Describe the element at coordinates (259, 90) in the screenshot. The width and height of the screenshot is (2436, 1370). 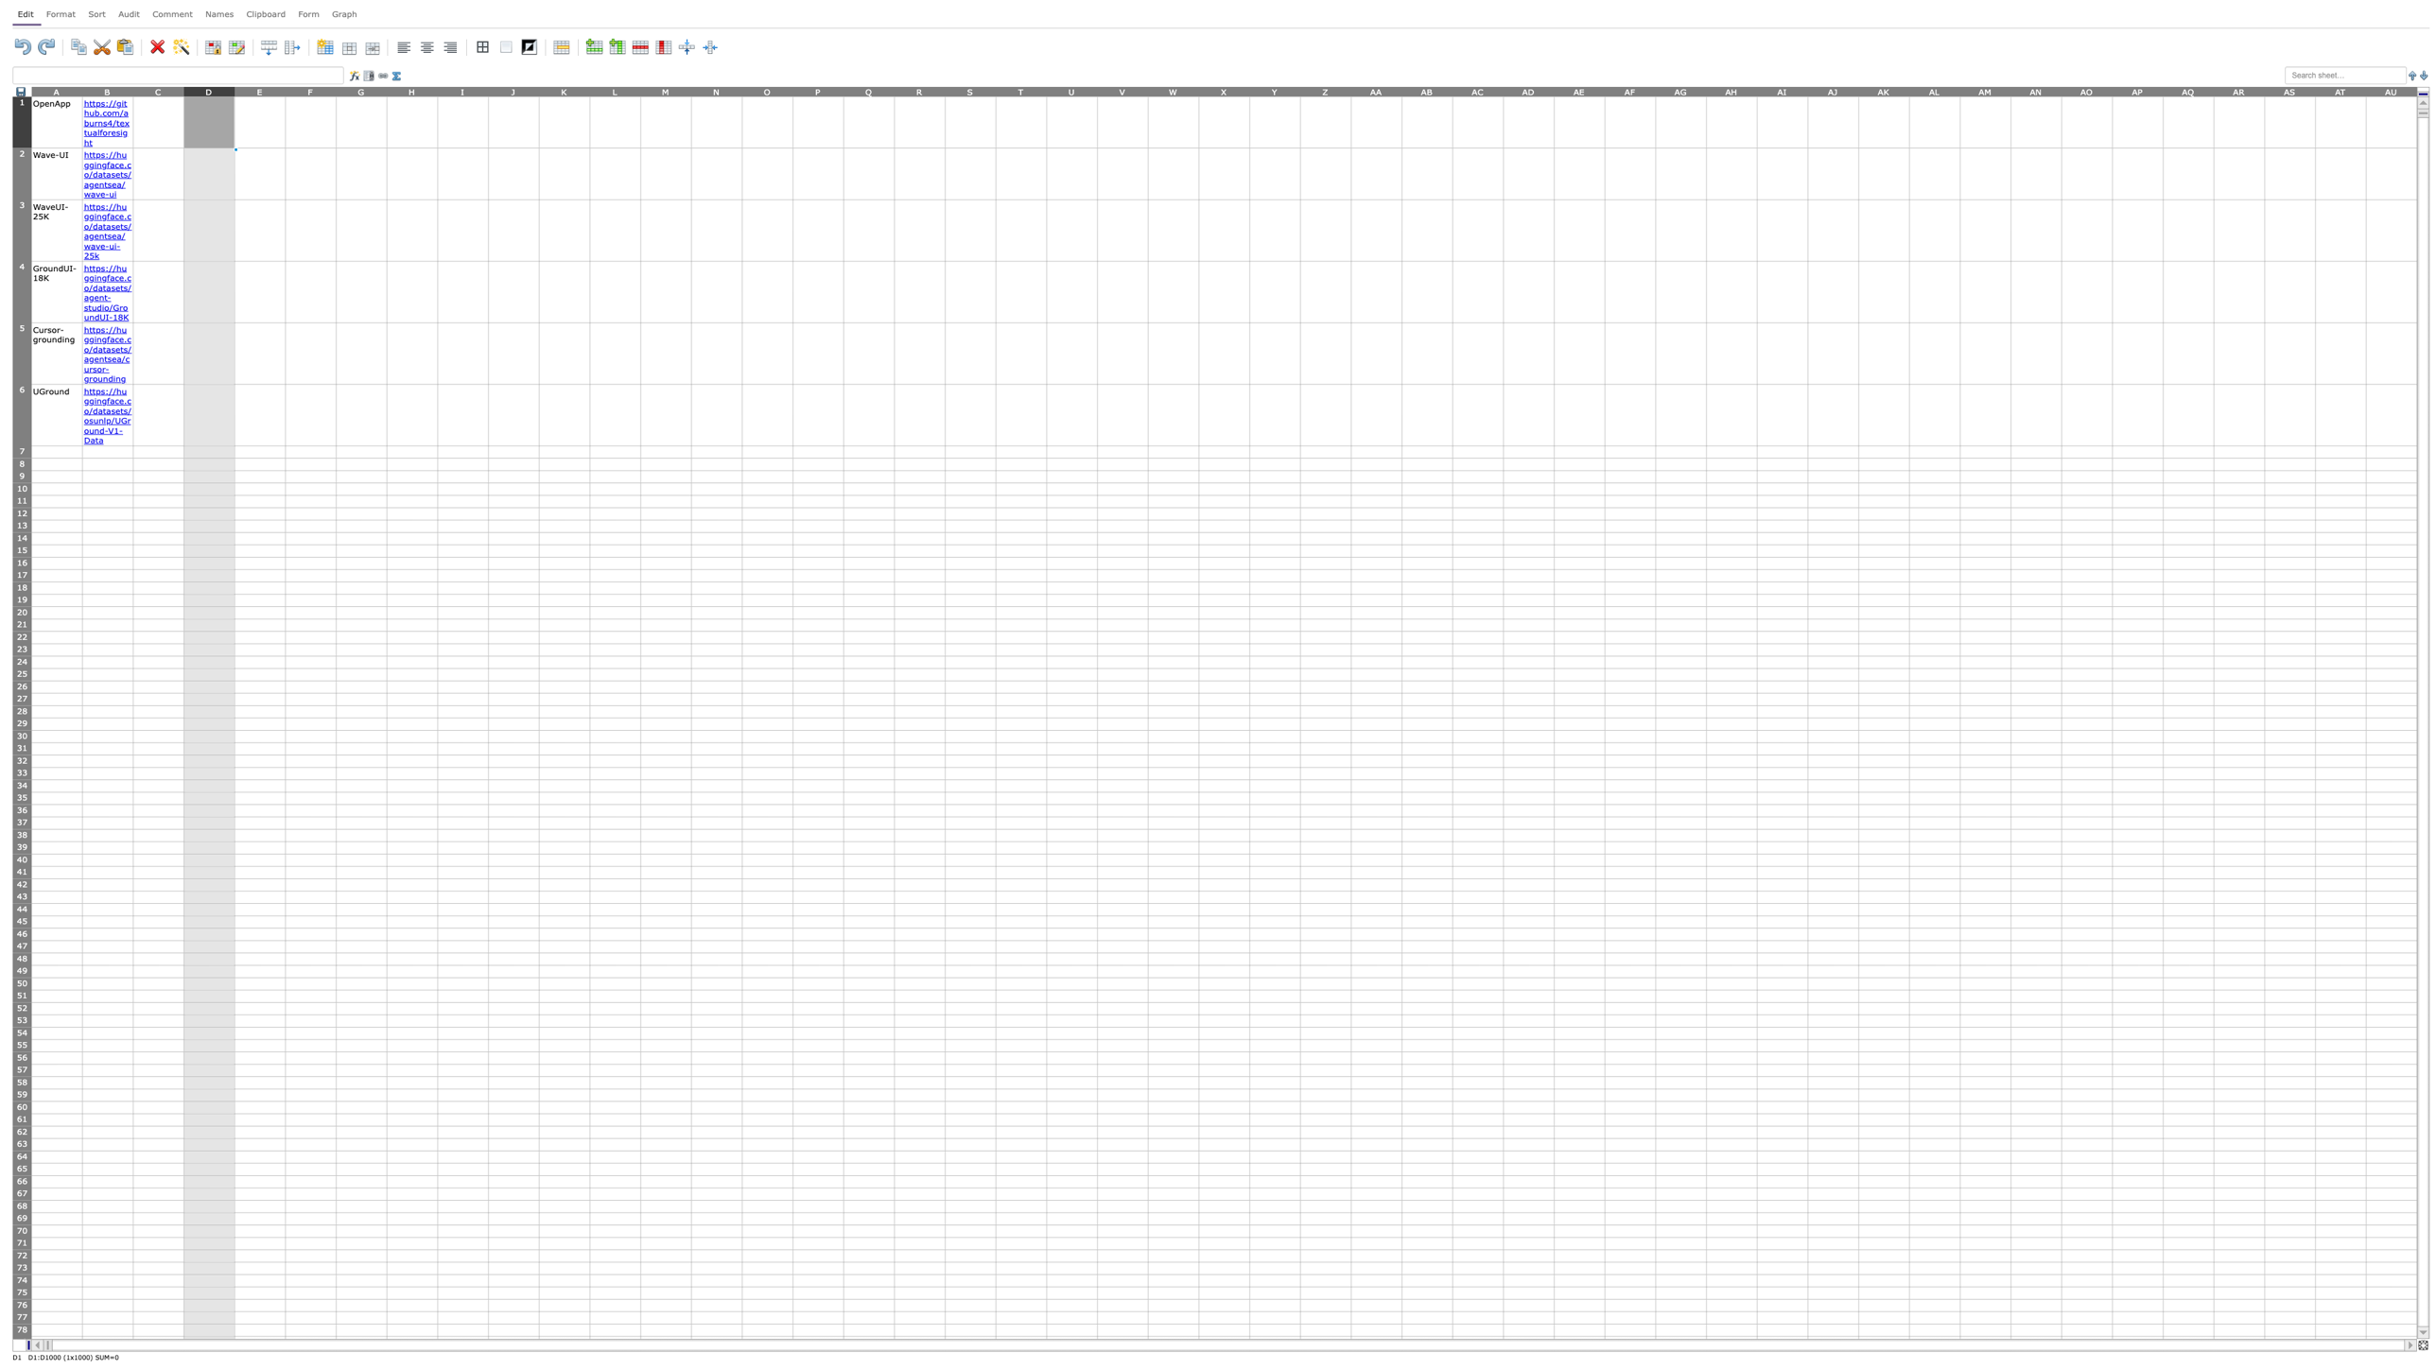
I see `column E` at that location.